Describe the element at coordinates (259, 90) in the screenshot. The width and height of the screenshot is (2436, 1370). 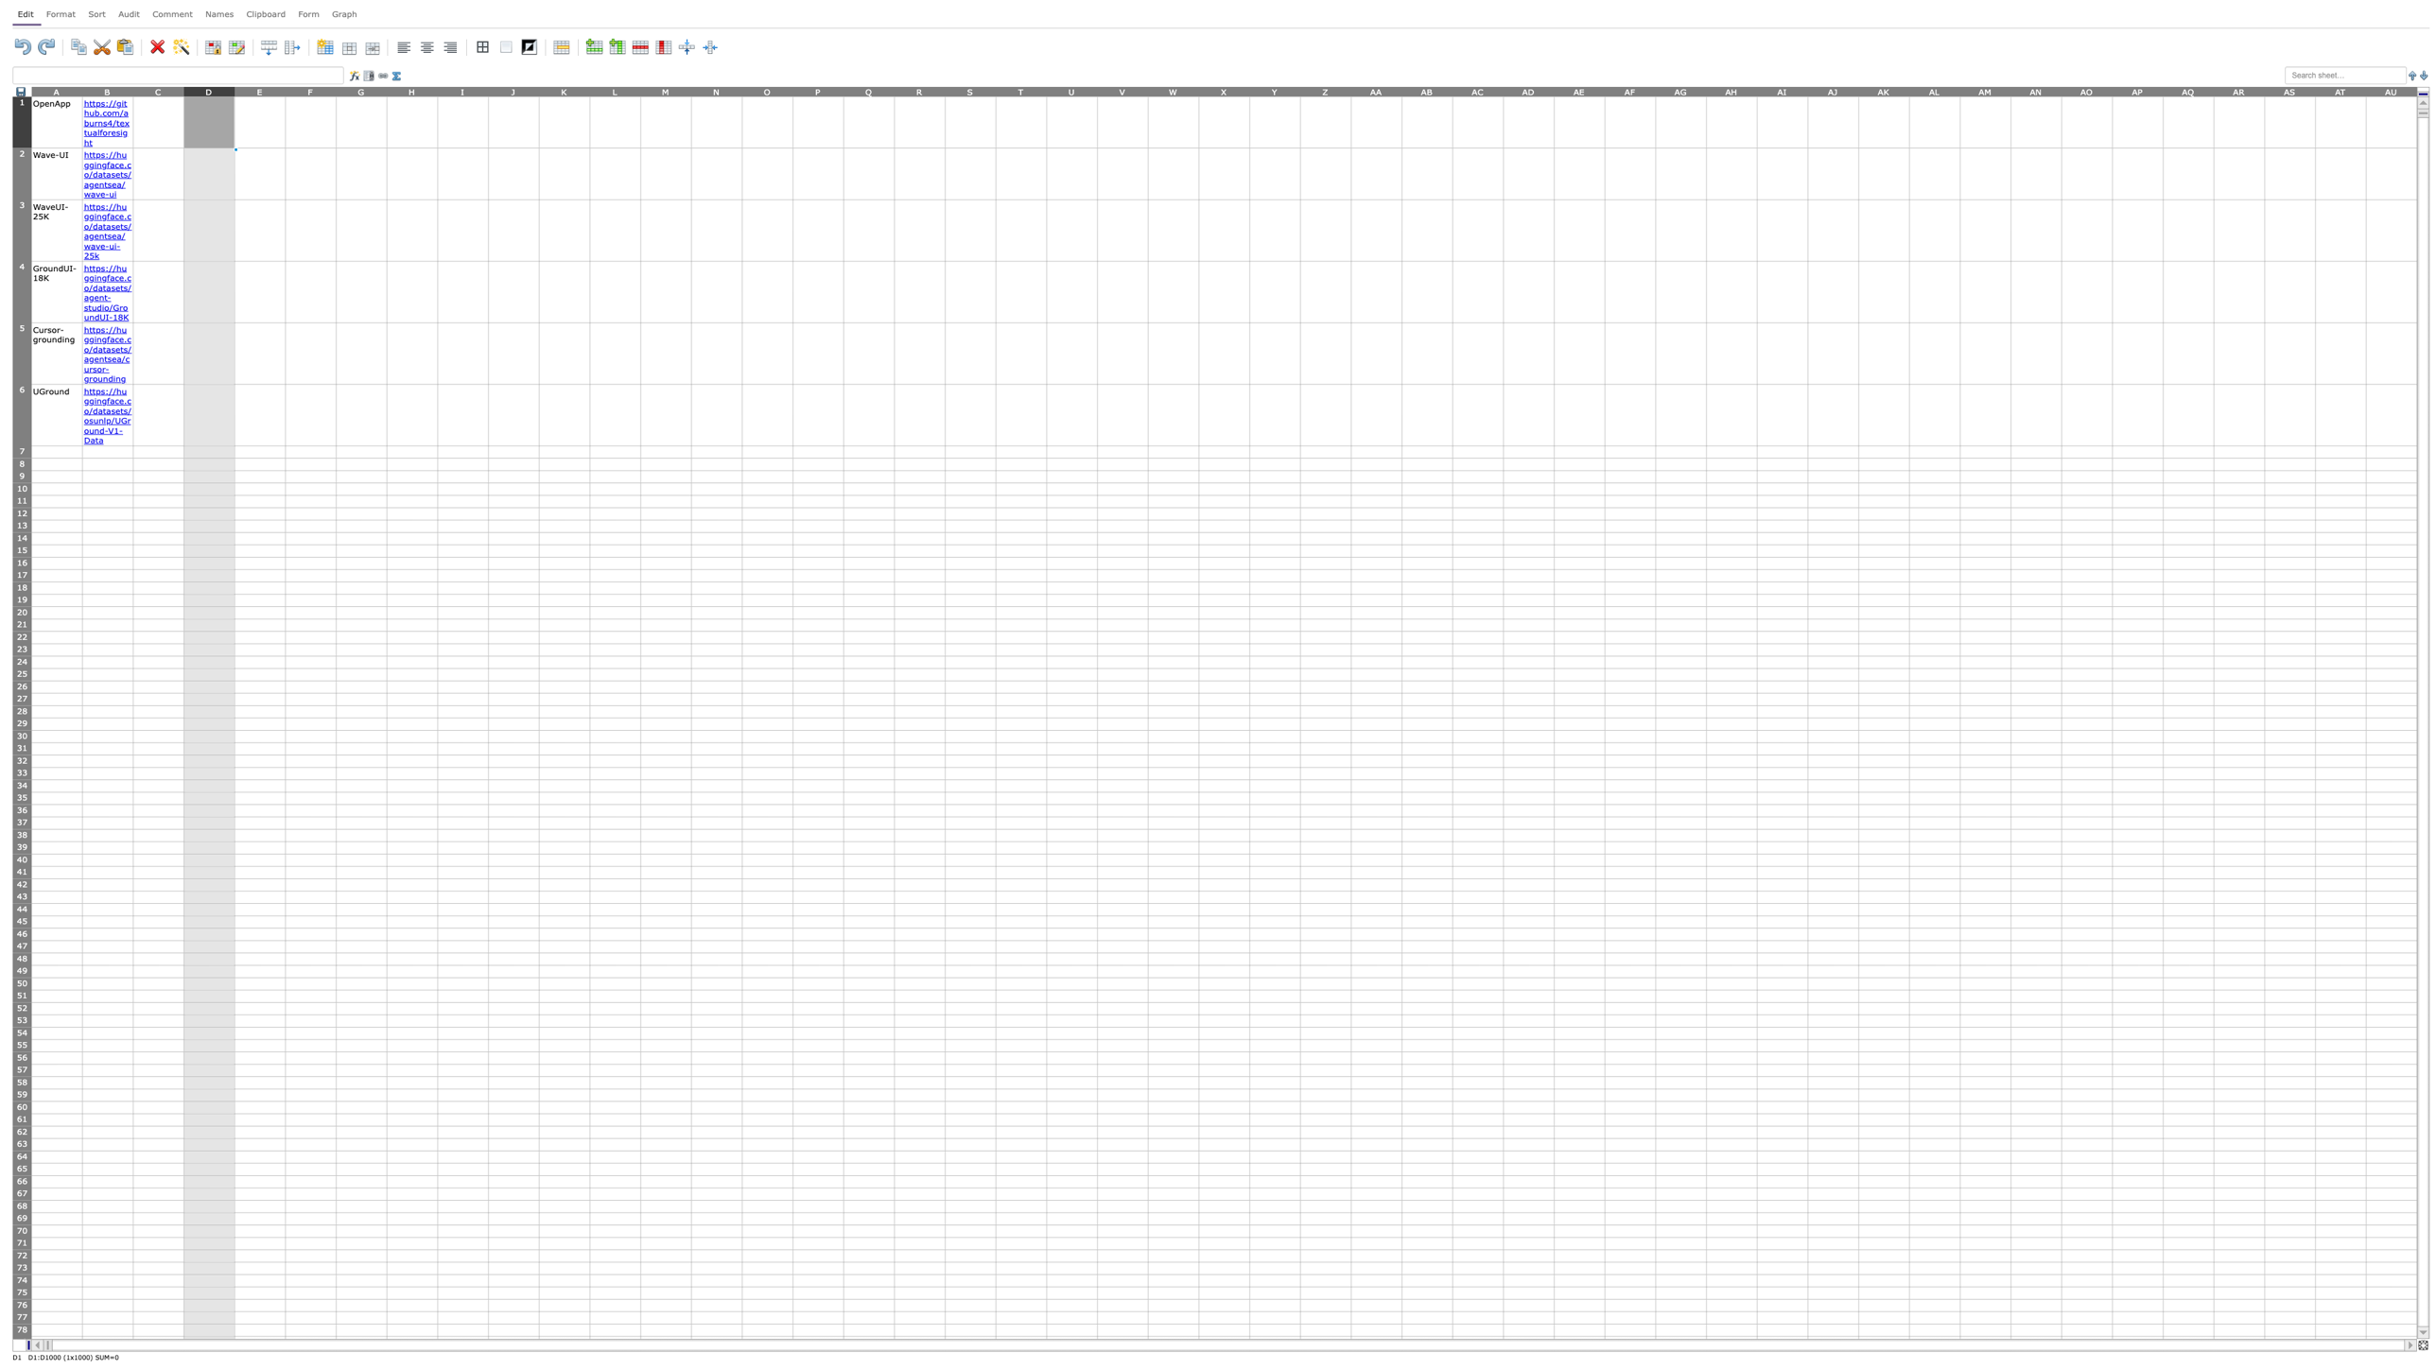
I see `column E` at that location.